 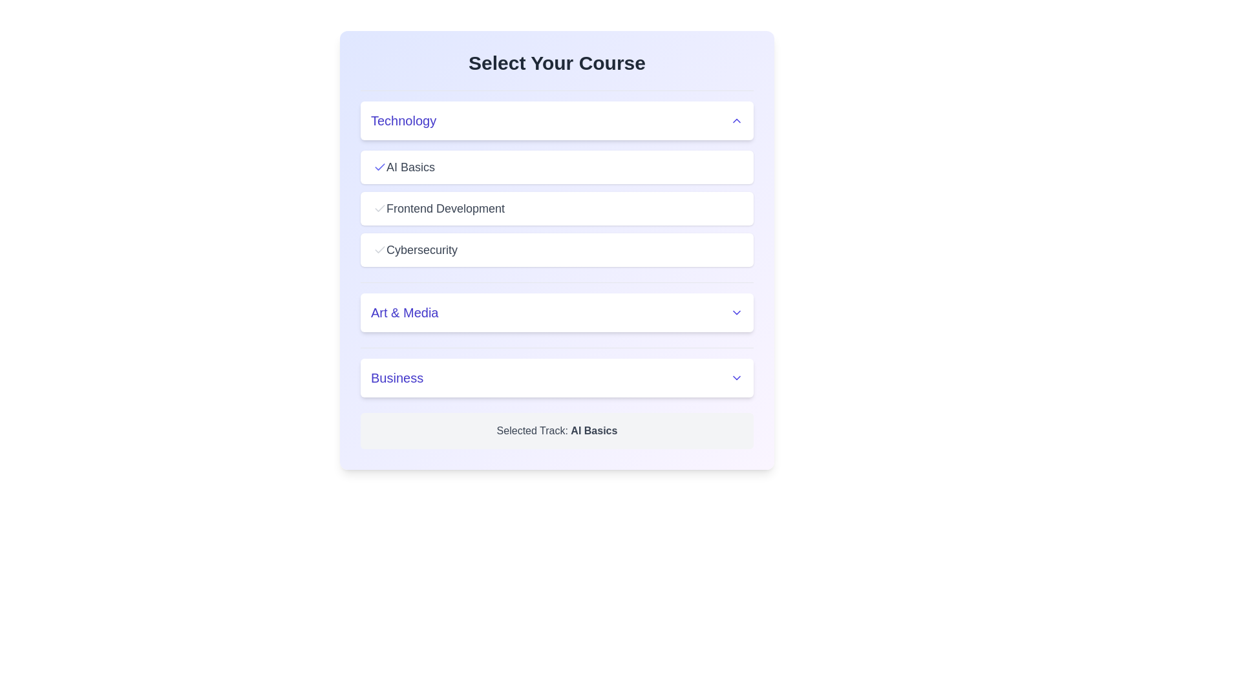 I want to click on the small upward-facing blue chevron icon located to the far right within the 'Technology' section header, so click(x=737, y=120).